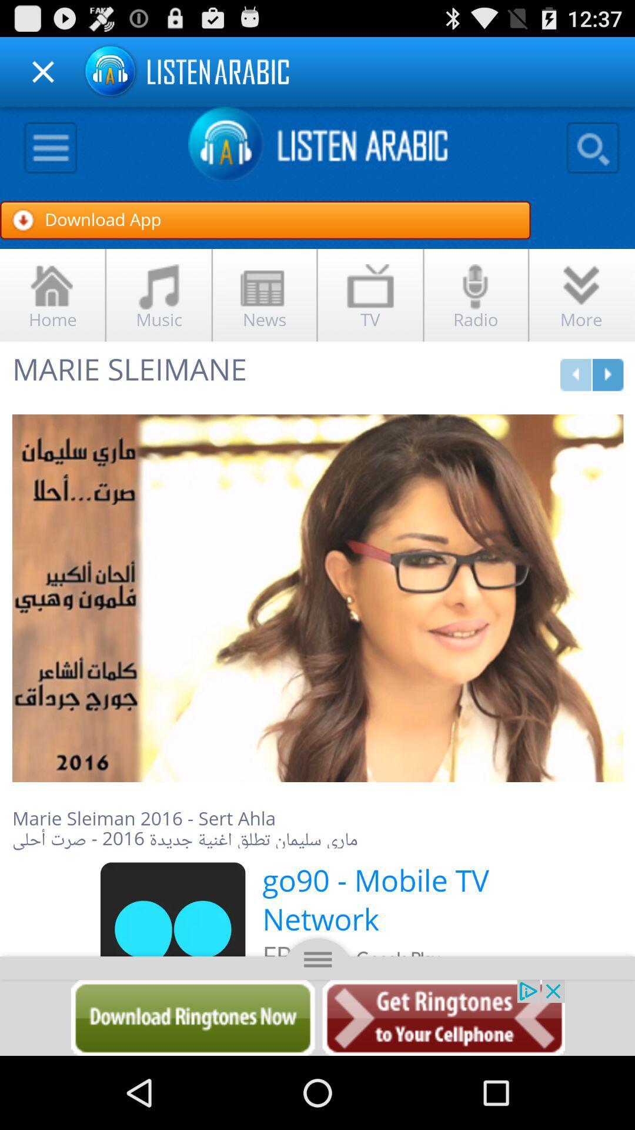 Image resolution: width=635 pixels, height=1130 pixels. Describe the element at coordinates (42, 71) in the screenshot. I see `app` at that location.